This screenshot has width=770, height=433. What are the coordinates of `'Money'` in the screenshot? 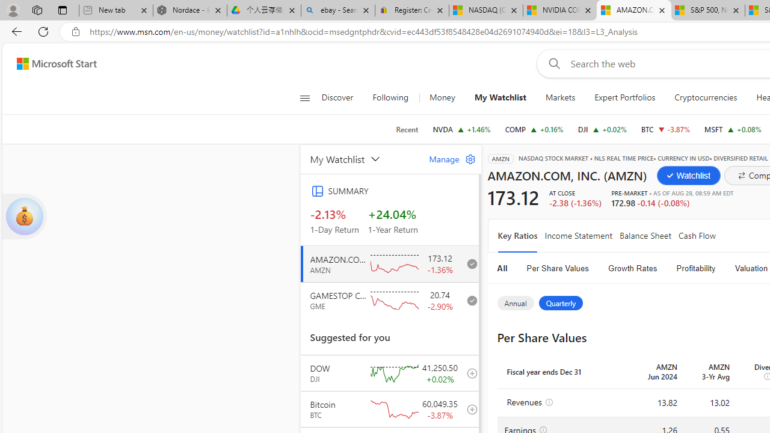 It's located at (441, 97).